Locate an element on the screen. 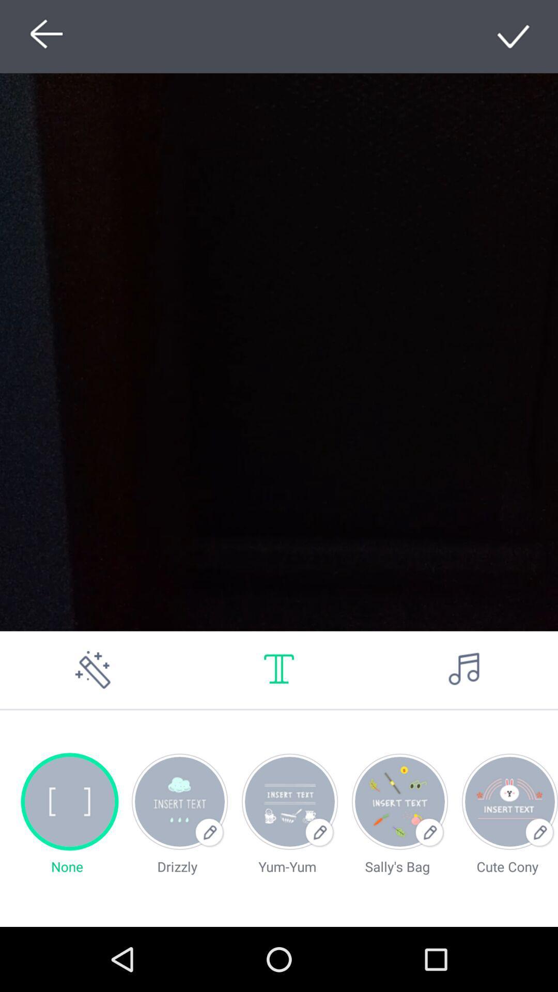  go back is located at coordinates (43, 36).